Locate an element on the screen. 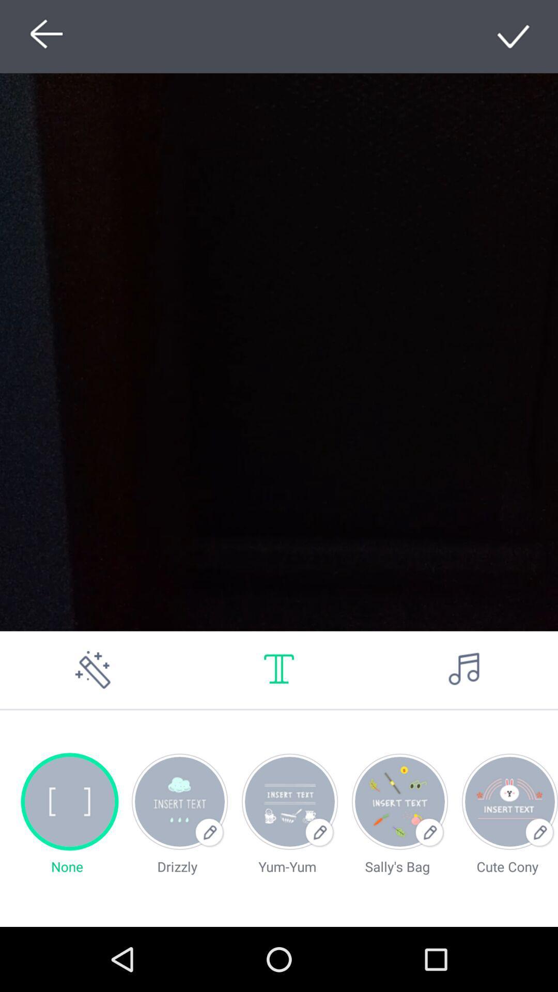  go back is located at coordinates (43, 36).